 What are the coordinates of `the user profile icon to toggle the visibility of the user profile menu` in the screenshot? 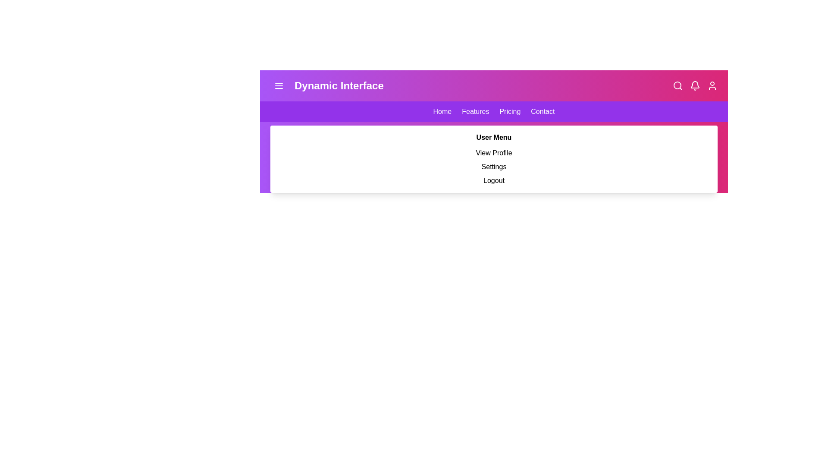 It's located at (712, 86).